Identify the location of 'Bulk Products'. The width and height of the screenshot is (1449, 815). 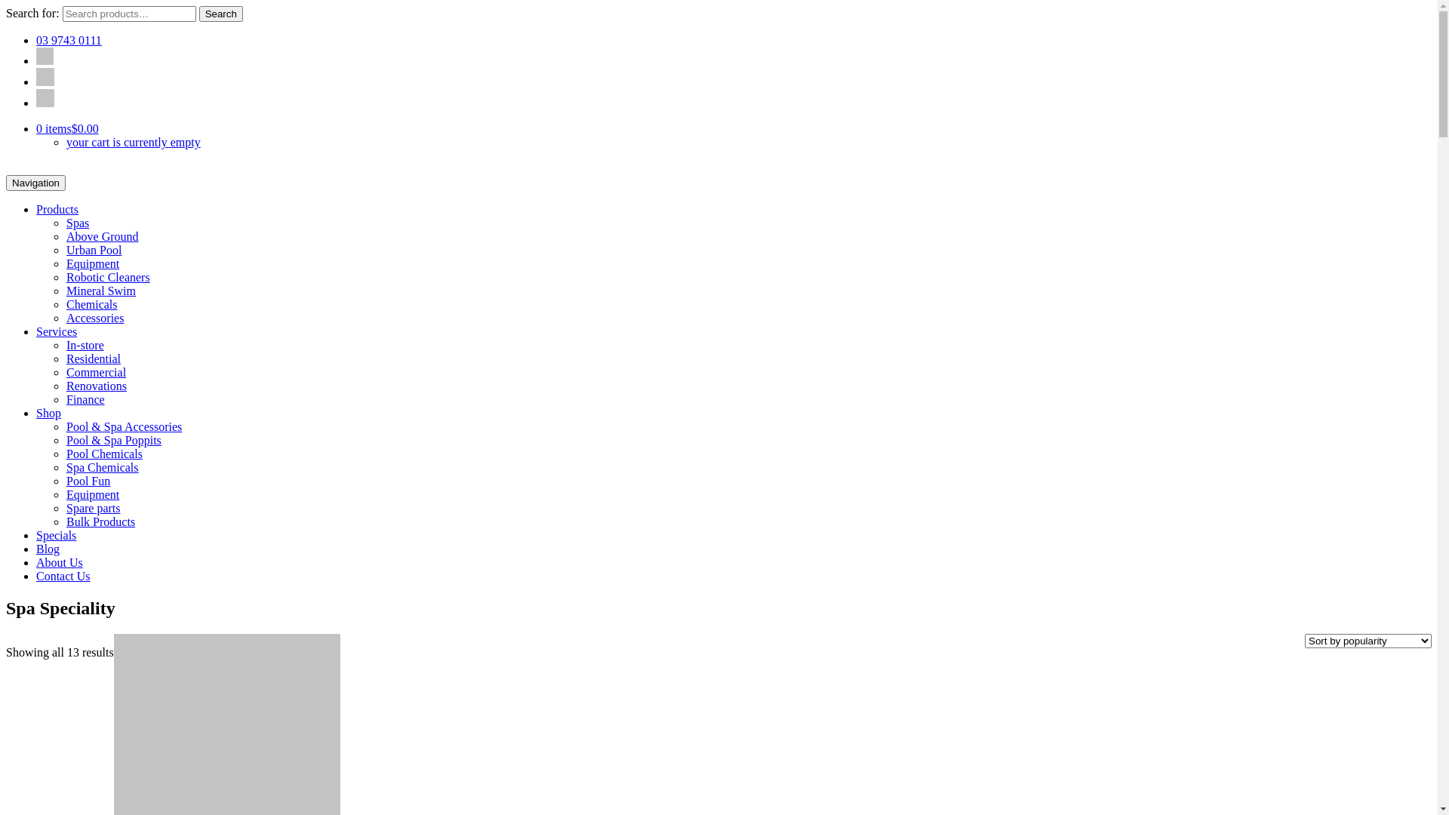
(100, 521).